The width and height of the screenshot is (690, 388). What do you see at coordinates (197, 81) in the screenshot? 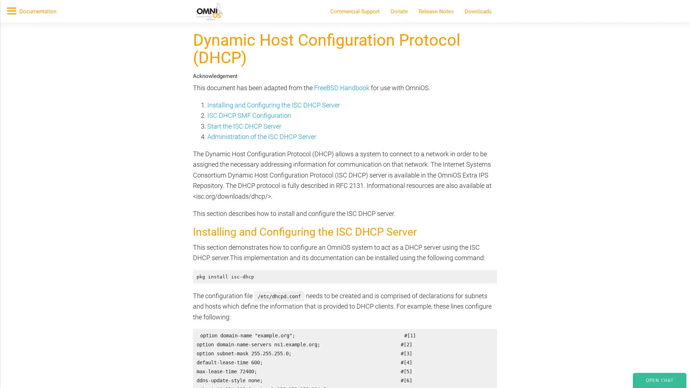
I see `SUBSCRIBE NOW!` at bounding box center [197, 81].